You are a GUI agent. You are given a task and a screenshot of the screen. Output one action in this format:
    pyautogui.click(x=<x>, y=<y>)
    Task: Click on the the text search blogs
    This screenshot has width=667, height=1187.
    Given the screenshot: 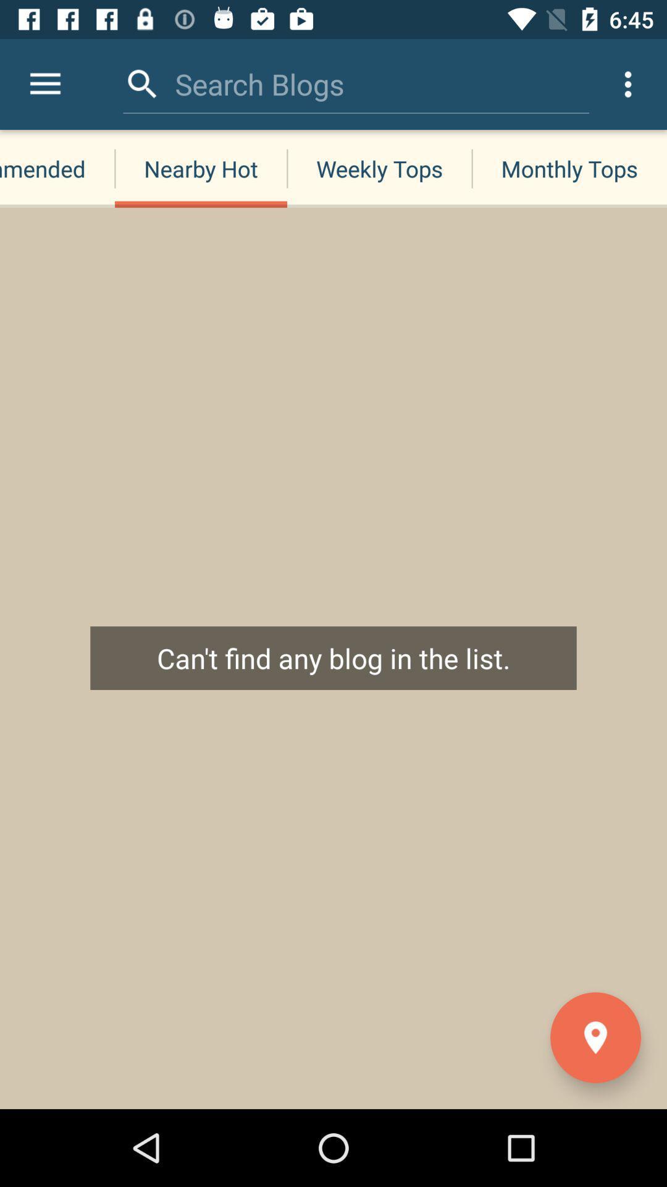 What is the action you would take?
    pyautogui.click(x=259, y=83)
    